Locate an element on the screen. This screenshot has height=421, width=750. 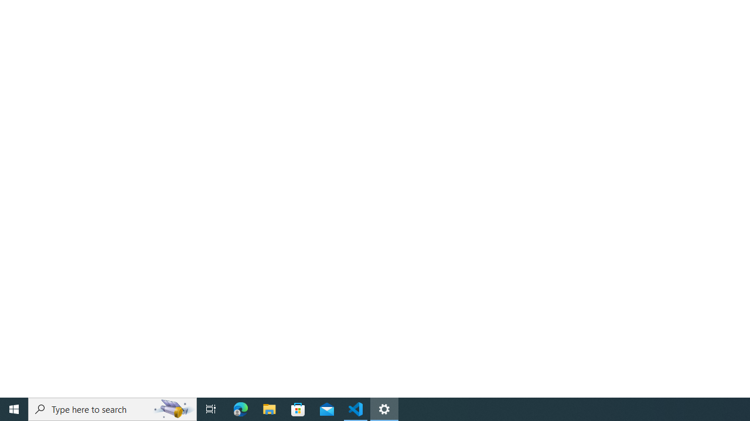
'Start' is located at coordinates (14, 408).